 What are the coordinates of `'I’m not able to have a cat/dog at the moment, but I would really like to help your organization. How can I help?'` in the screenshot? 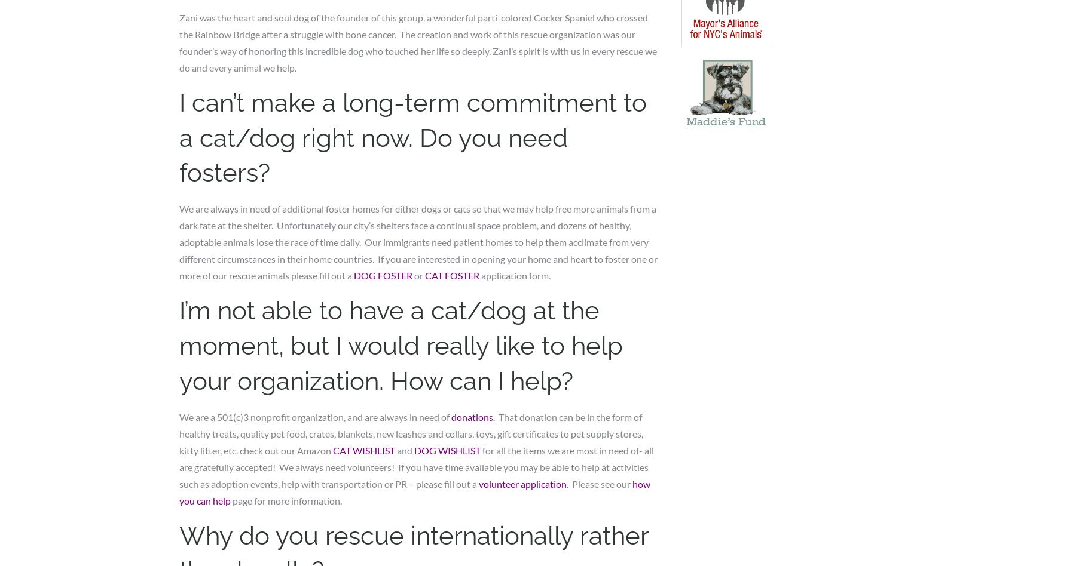 It's located at (179, 346).